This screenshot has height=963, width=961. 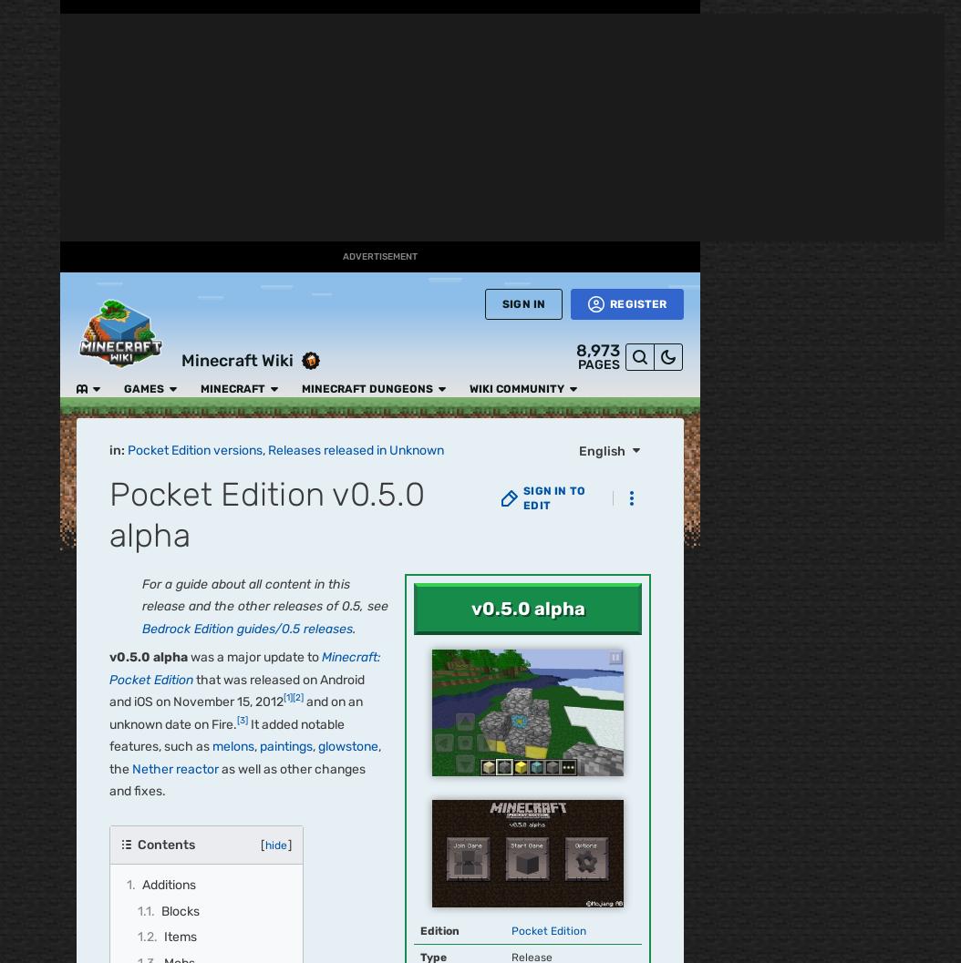 I want to click on 'Movies', so click(x=29, y=390).